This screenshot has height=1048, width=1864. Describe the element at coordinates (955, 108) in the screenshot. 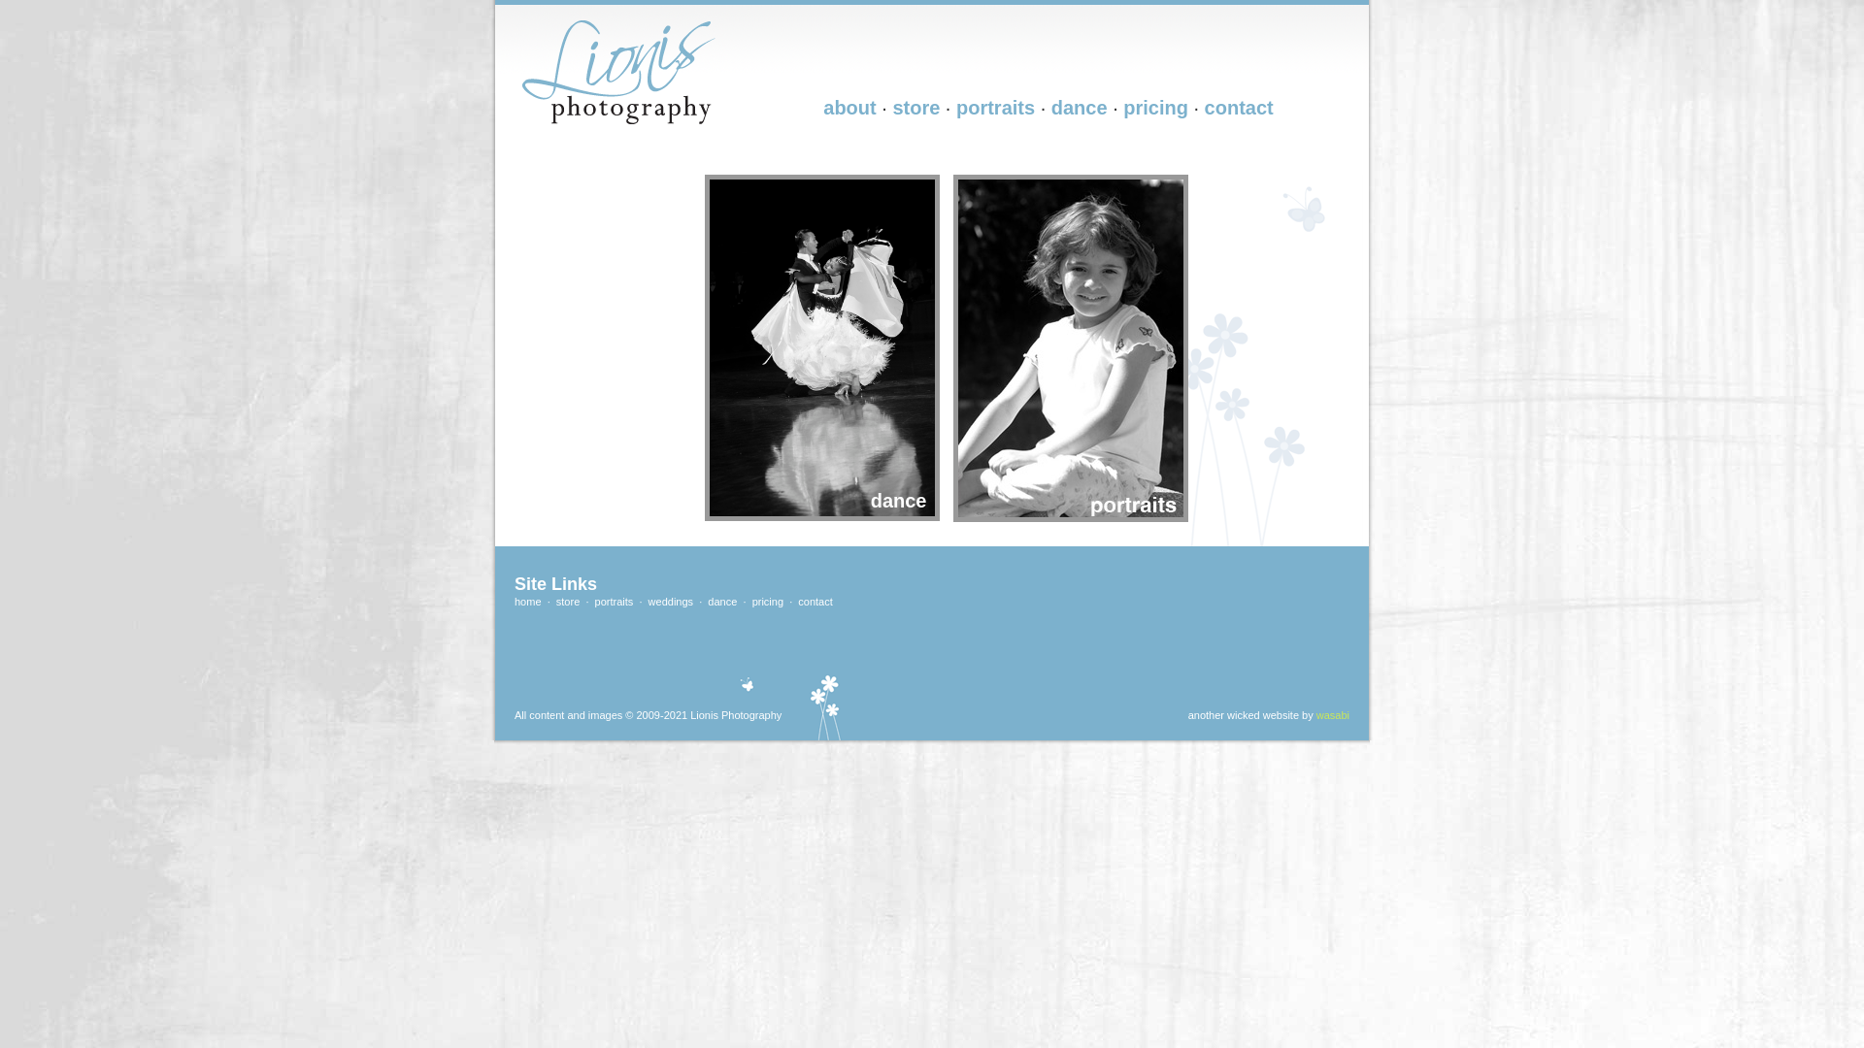

I see `'portraits'` at that location.